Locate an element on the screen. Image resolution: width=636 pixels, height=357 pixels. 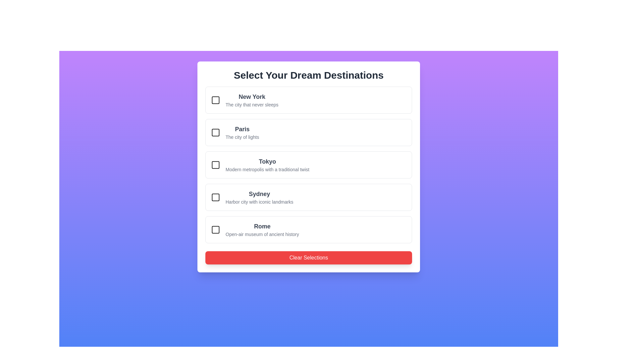
the city New York by clicking on its checkbox or card is located at coordinates (216, 100).